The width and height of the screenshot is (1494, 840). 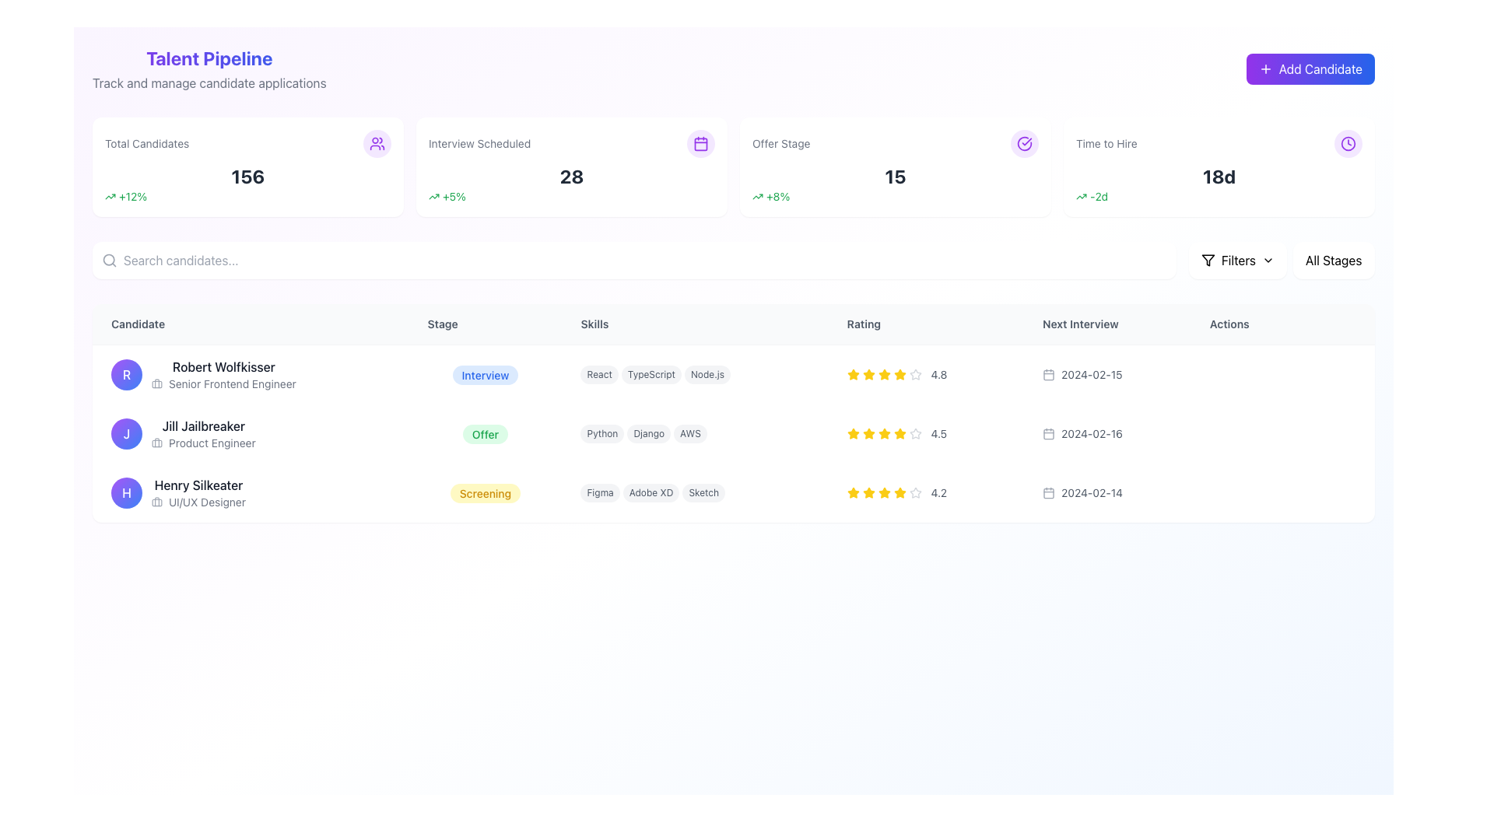 What do you see at coordinates (651, 375) in the screenshot?
I see `assistive technology` at bounding box center [651, 375].